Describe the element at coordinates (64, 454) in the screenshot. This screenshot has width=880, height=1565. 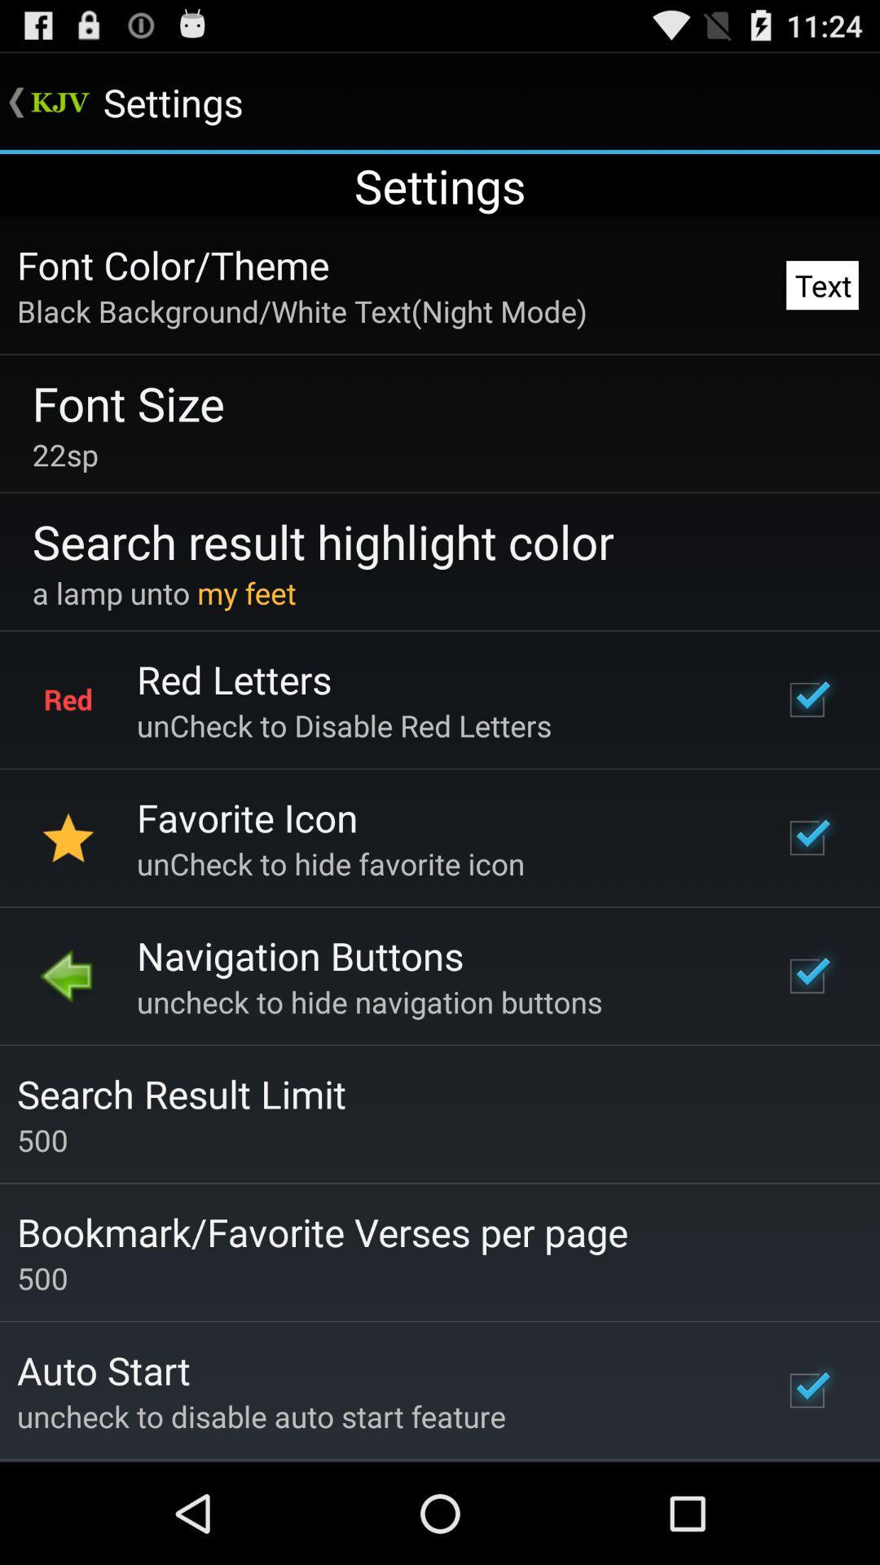
I see `the 22sp icon` at that location.